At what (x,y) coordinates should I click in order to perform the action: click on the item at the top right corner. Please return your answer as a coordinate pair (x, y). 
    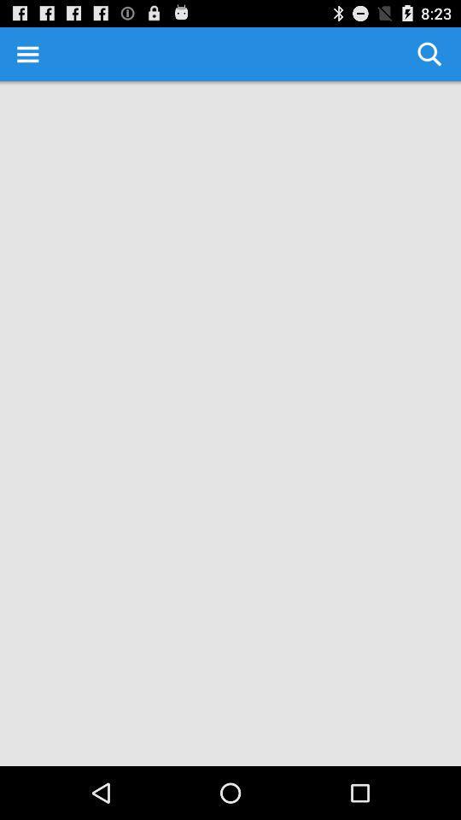
    Looking at the image, I should click on (429, 53).